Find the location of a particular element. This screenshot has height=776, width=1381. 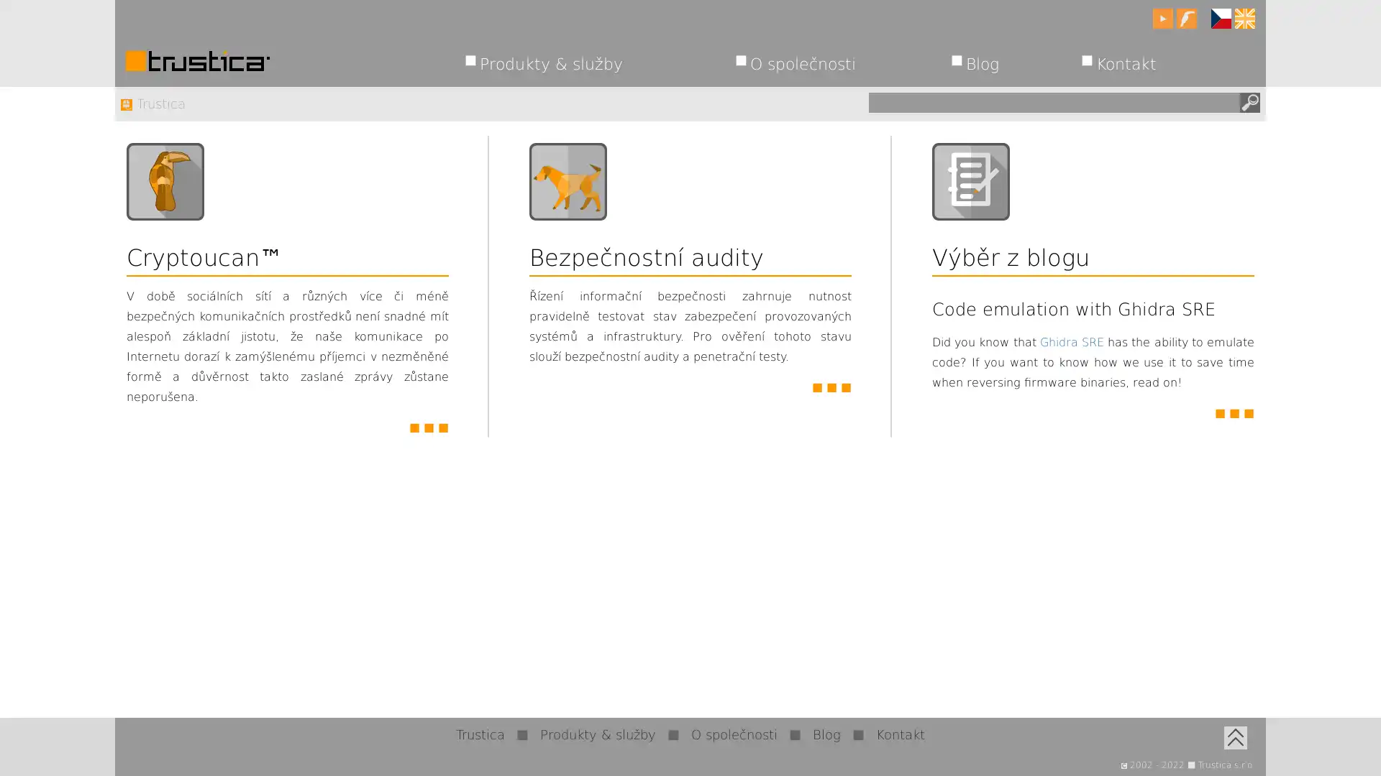

Hledat is located at coordinates (1249, 101).